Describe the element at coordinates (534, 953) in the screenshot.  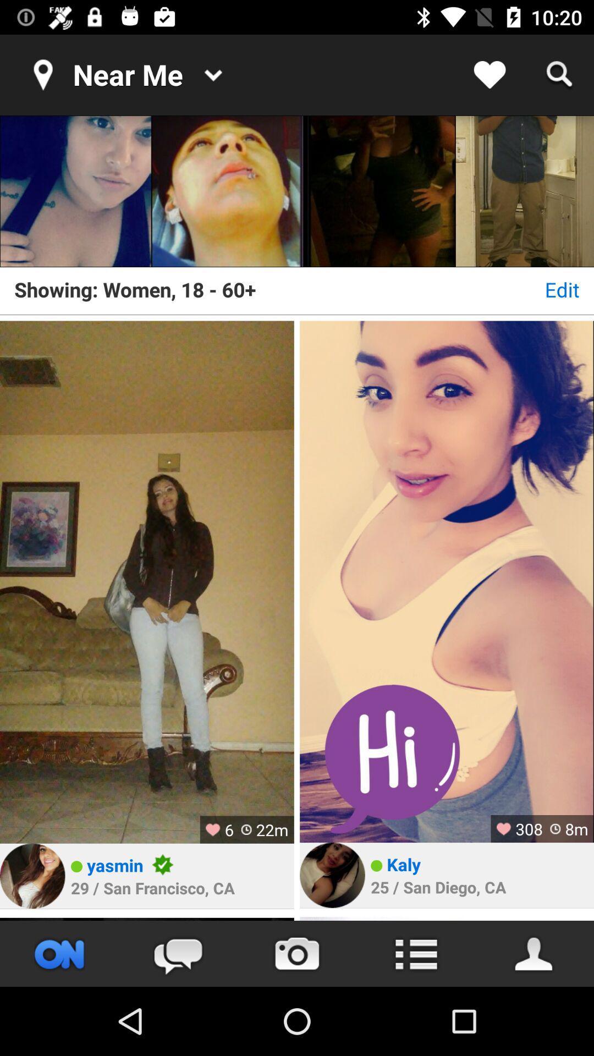
I see `profile icon` at that location.